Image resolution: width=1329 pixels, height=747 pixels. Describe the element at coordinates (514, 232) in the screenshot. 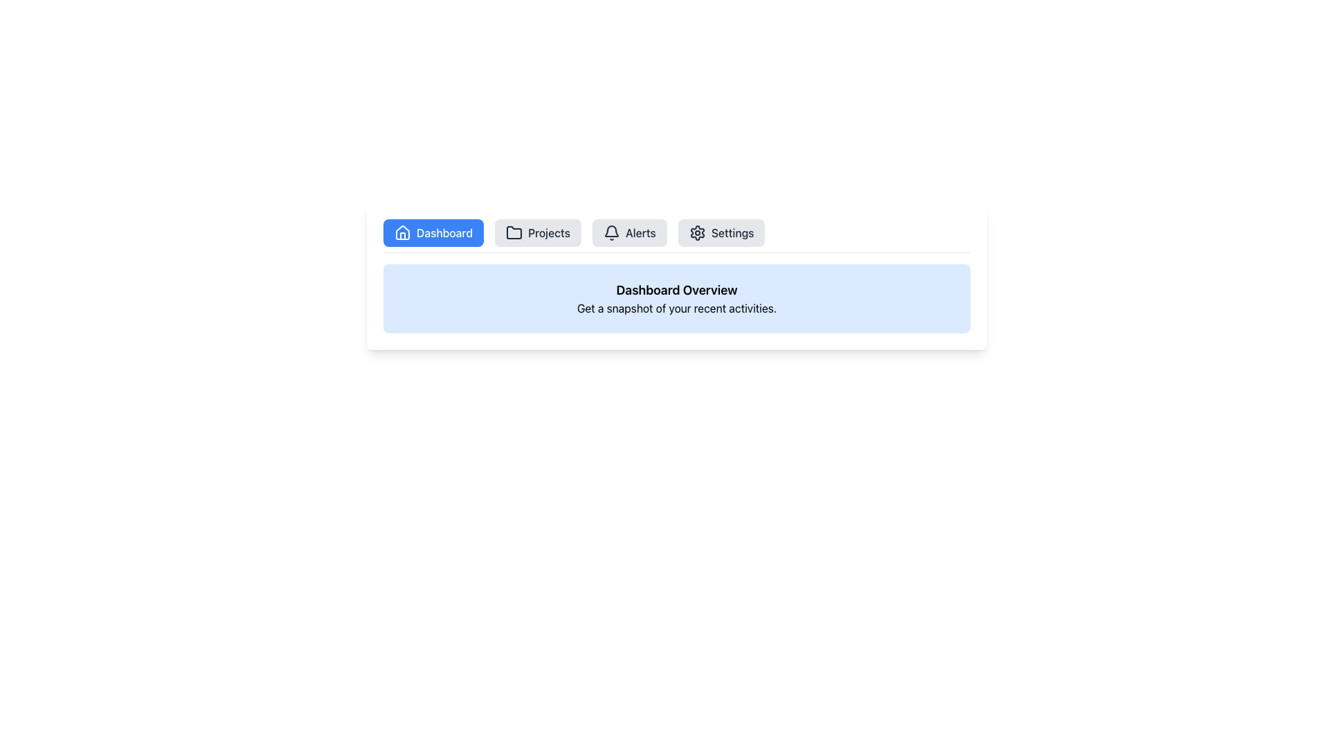

I see `the folder icon located in the navigation bar, to the right of the 'Dashboard' button` at that location.